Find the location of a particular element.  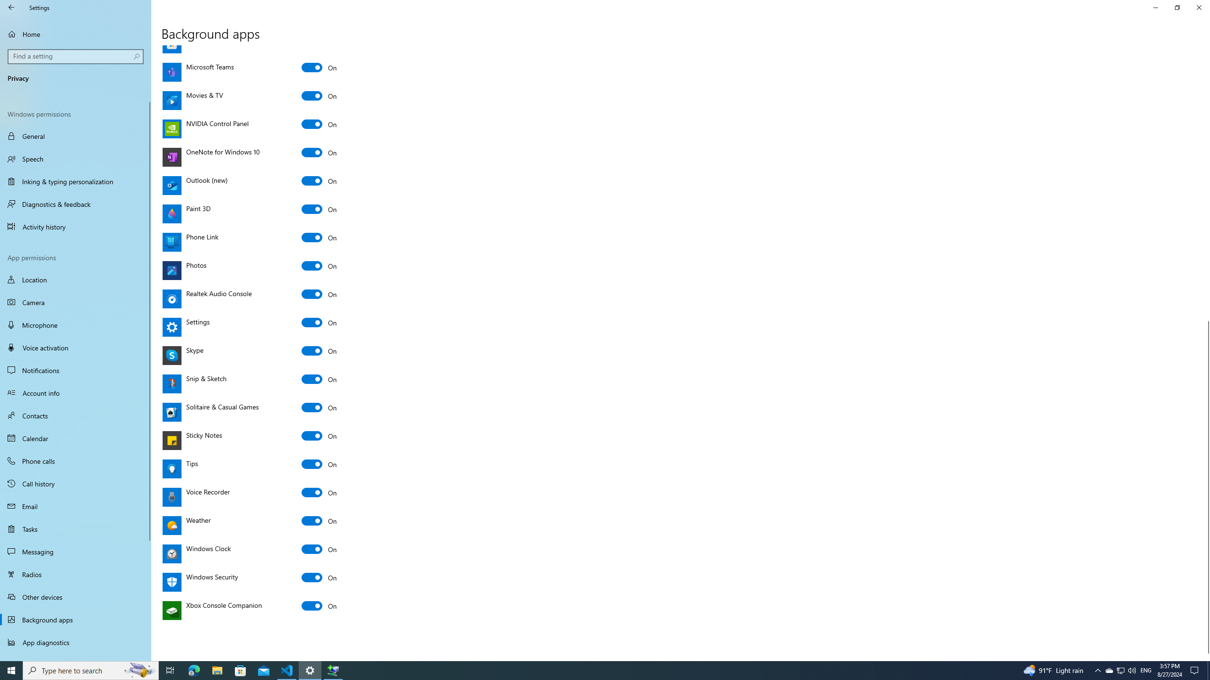

'Visual Studio Code - 1 running window' is located at coordinates (287, 670).